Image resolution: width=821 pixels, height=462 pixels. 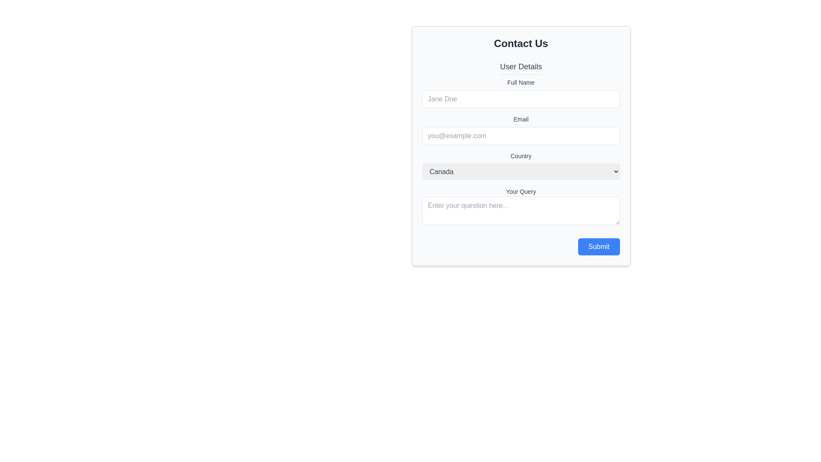 What do you see at coordinates (520, 67) in the screenshot?
I see `the 'User Details' text block, which is a bold, medium-sized gray font header located at the top center of the section, visually separating it from the content below` at bounding box center [520, 67].